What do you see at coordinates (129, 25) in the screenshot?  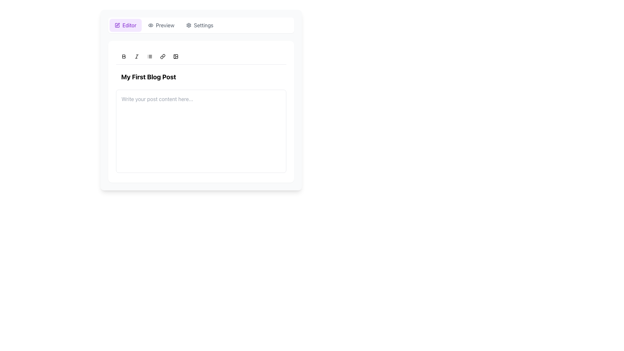 I see `text label displaying 'Editor', which is located to the right of the leftmost icon in the top-left corner of the interface` at bounding box center [129, 25].